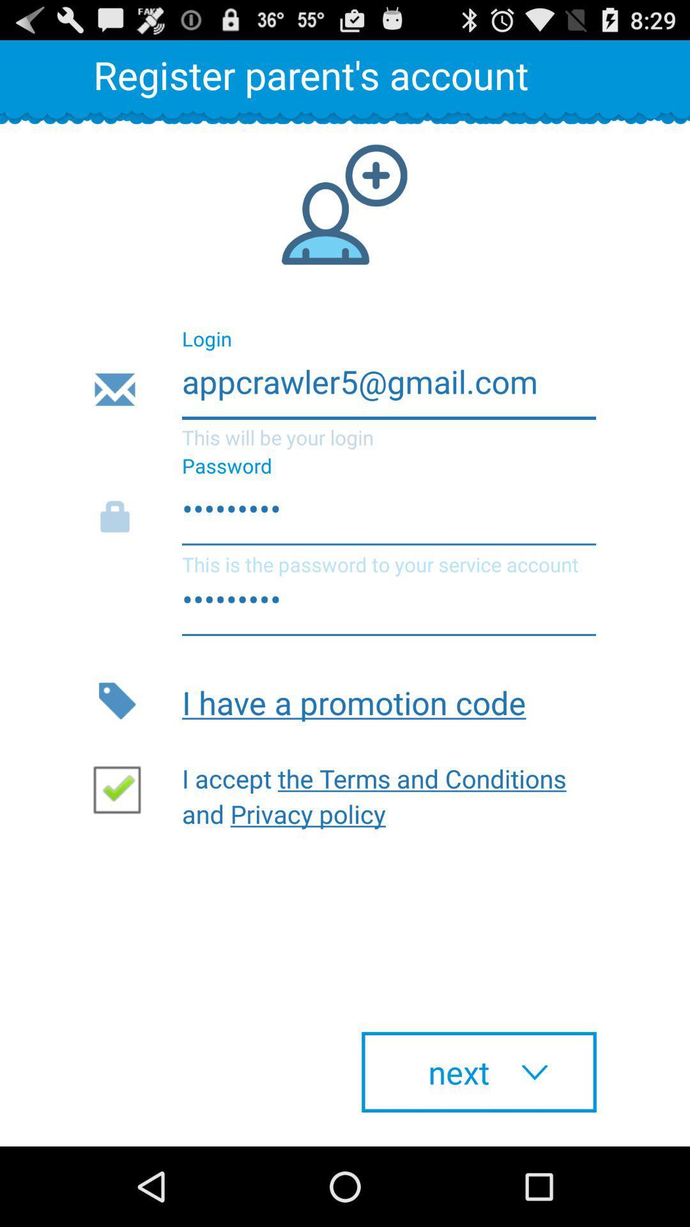 This screenshot has width=690, height=1227. Describe the element at coordinates (344, 517) in the screenshot. I see `the text box which says password` at that location.